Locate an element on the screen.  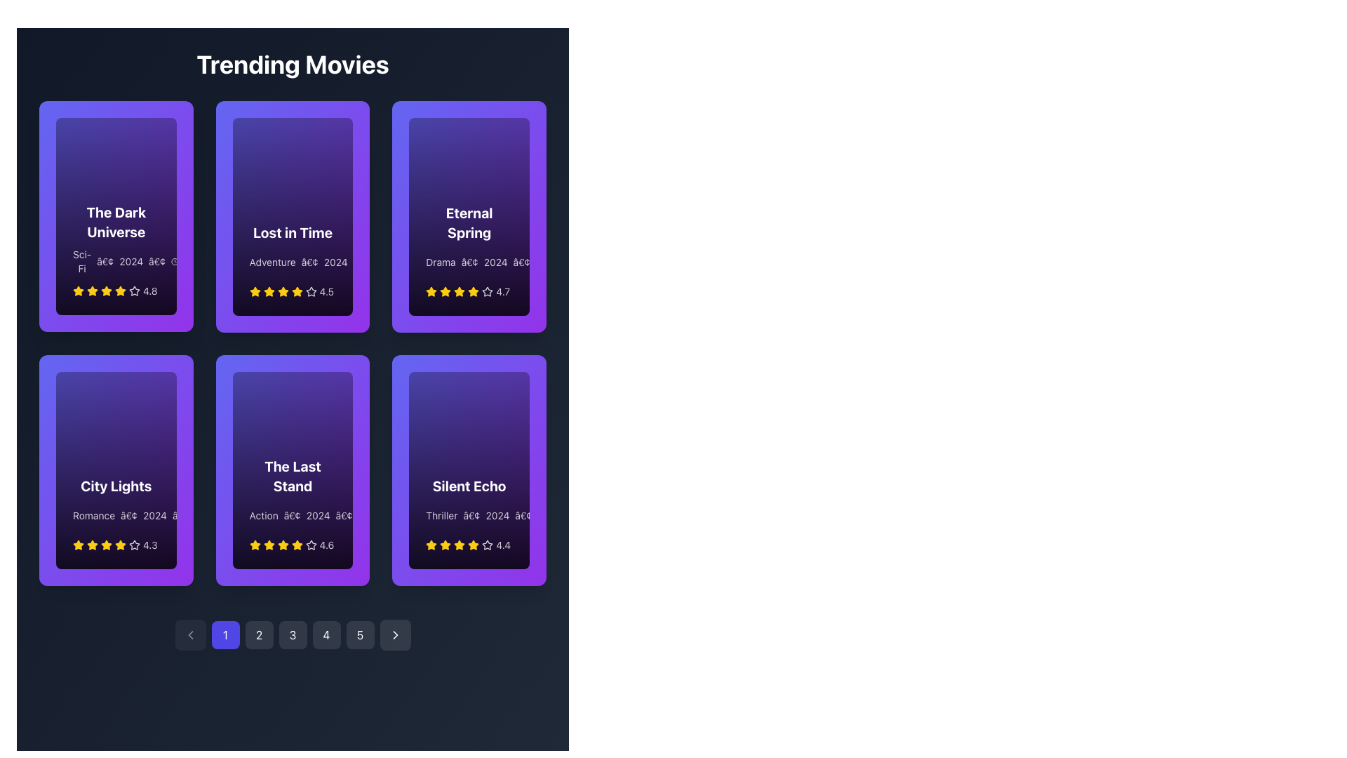
the decorative symbol (typographic separator) element, which is a bullet-like point ('•') located between '2024' and '2h 10m' in the movie card for 'Silent Echo' is located at coordinates (523, 516).